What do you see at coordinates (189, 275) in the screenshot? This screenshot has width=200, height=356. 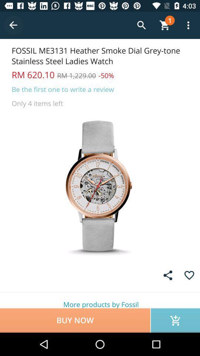 I see `the favorite icon` at bounding box center [189, 275].